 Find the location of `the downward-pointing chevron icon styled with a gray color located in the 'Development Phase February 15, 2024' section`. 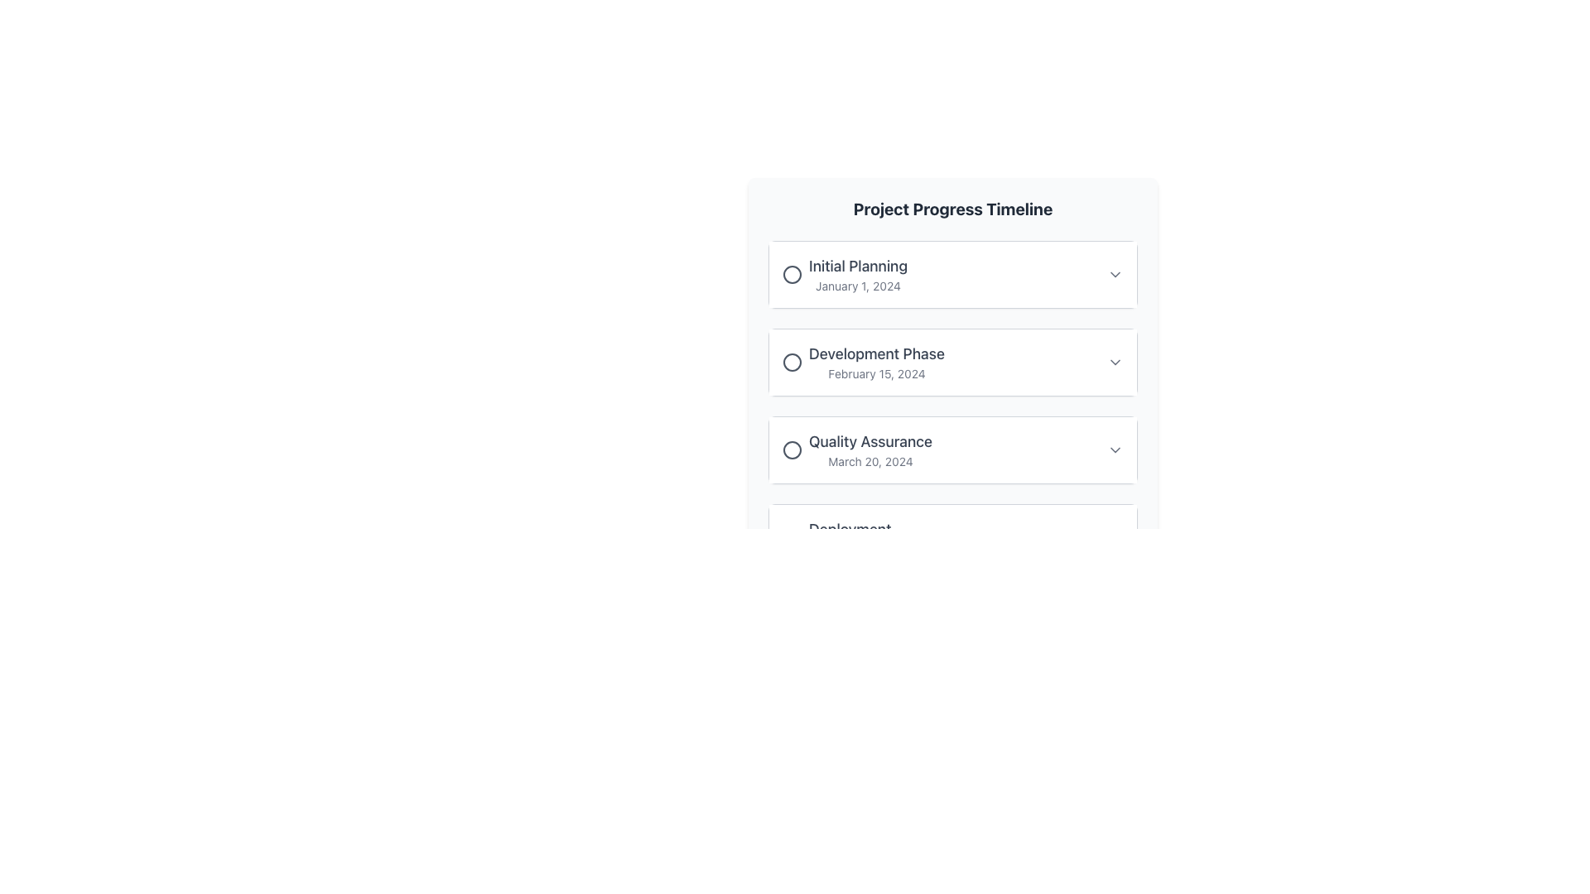

the downward-pointing chevron icon styled with a gray color located in the 'Development Phase February 15, 2024' section is located at coordinates (1115, 362).